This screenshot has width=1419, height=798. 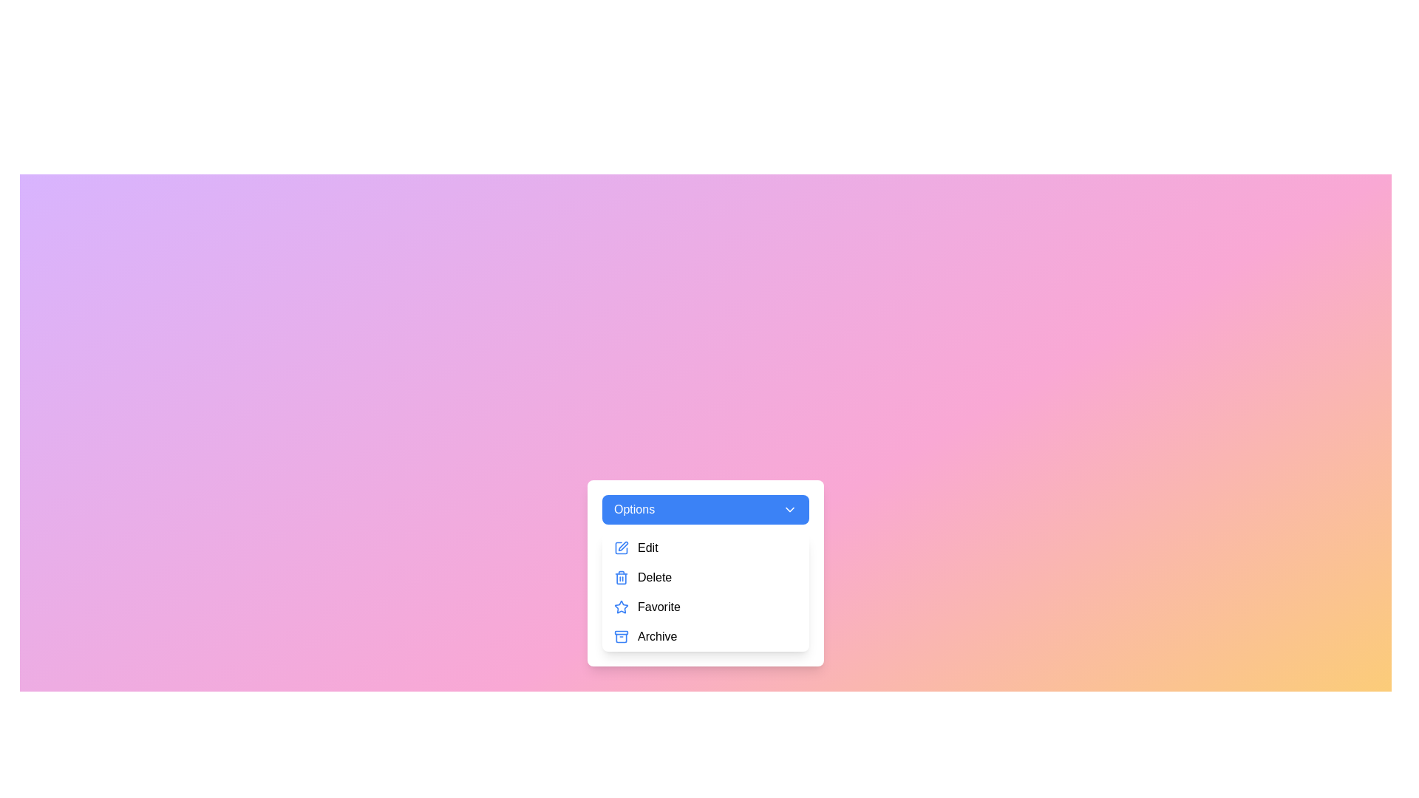 What do you see at coordinates (705, 548) in the screenshot?
I see `the menu item Edit` at bounding box center [705, 548].